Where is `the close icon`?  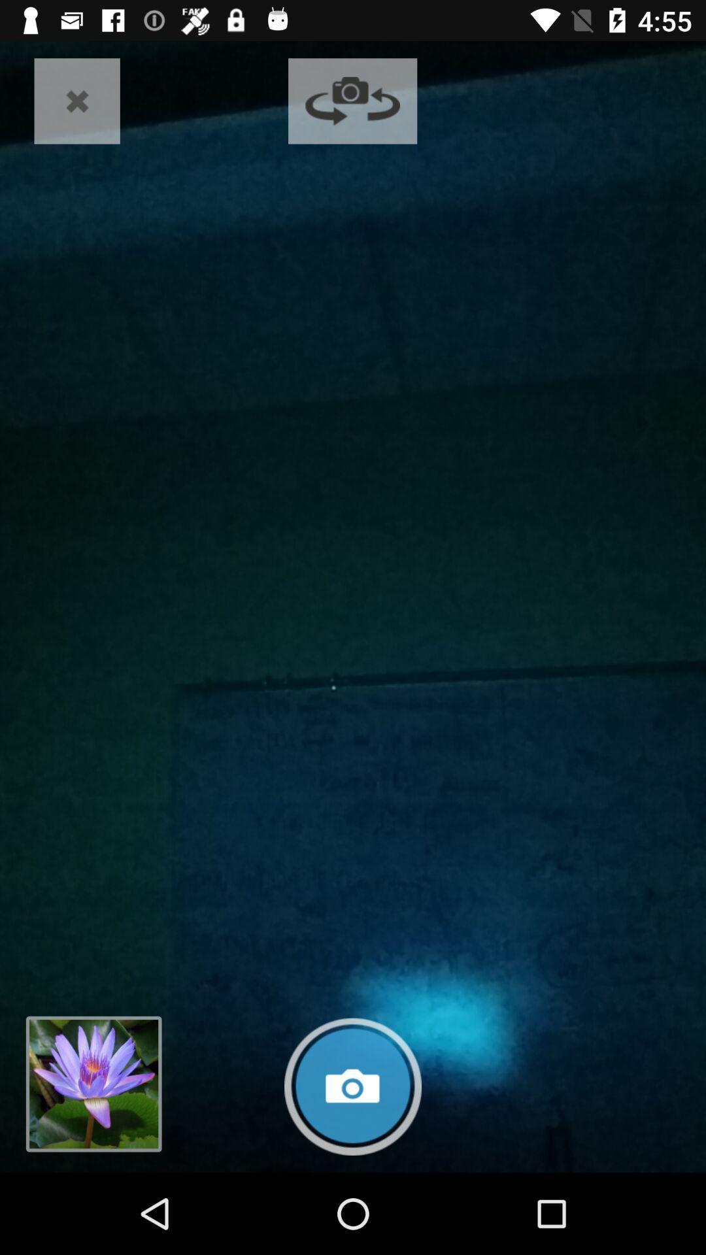
the close icon is located at coordinates (77, 100).